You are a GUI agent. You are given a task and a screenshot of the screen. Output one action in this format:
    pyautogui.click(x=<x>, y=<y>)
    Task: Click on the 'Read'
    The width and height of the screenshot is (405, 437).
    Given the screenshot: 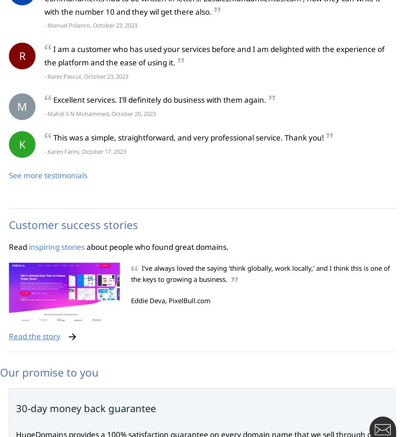 What is the action you would take?
    pyautogui.click(x=18, y=246)
    